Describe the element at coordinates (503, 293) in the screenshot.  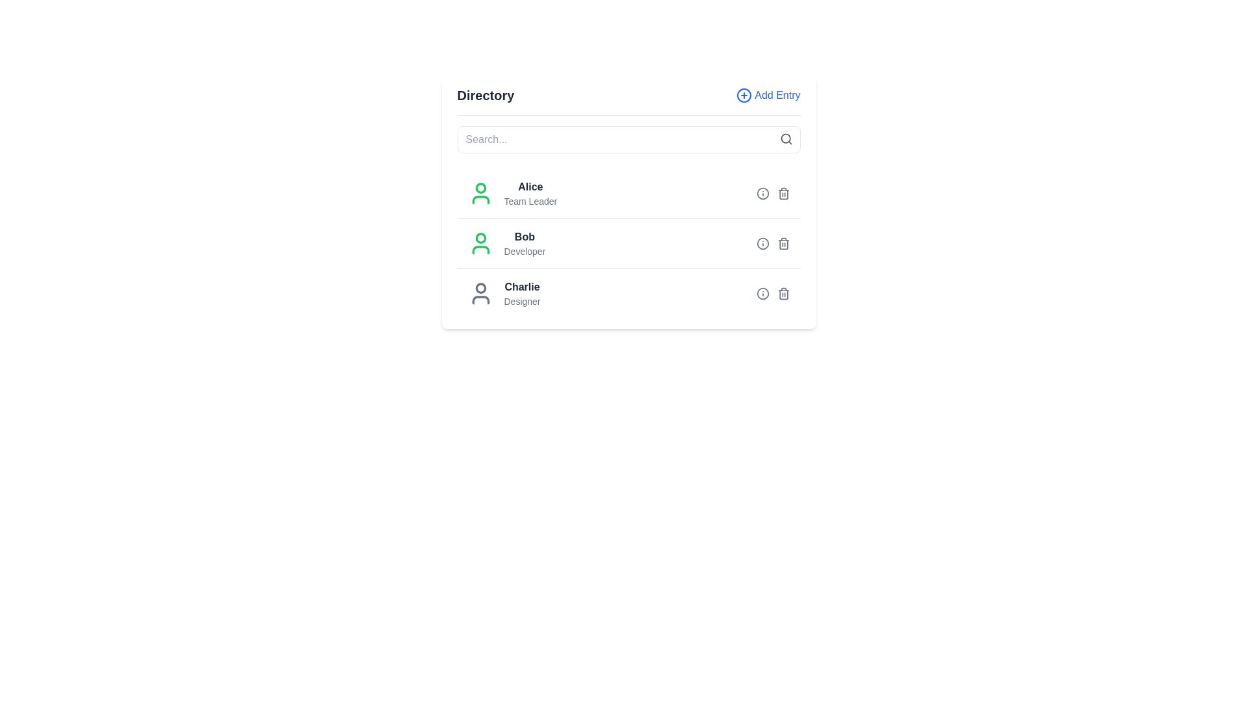
I see `the third user profile entry in the list, which contains the user's name and role, located below the profiles for 'Alice' and 'Bob'` at that location.